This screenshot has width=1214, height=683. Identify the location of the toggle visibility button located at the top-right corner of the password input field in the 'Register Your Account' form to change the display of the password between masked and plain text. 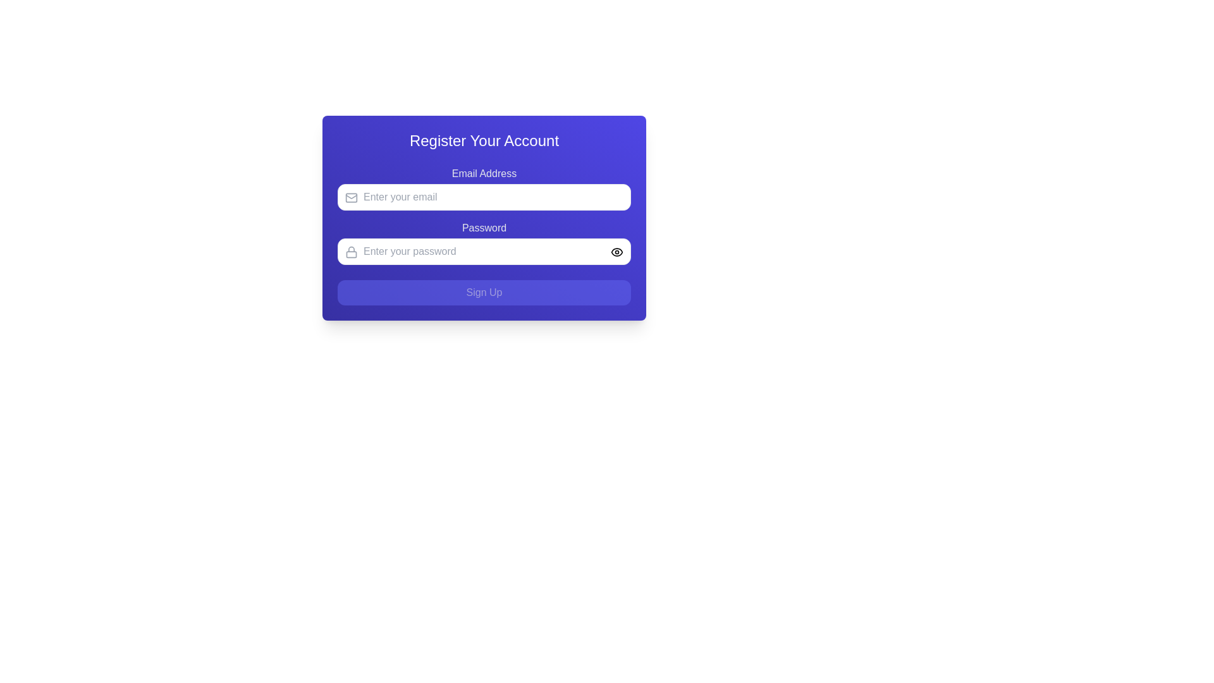
(616, 252).